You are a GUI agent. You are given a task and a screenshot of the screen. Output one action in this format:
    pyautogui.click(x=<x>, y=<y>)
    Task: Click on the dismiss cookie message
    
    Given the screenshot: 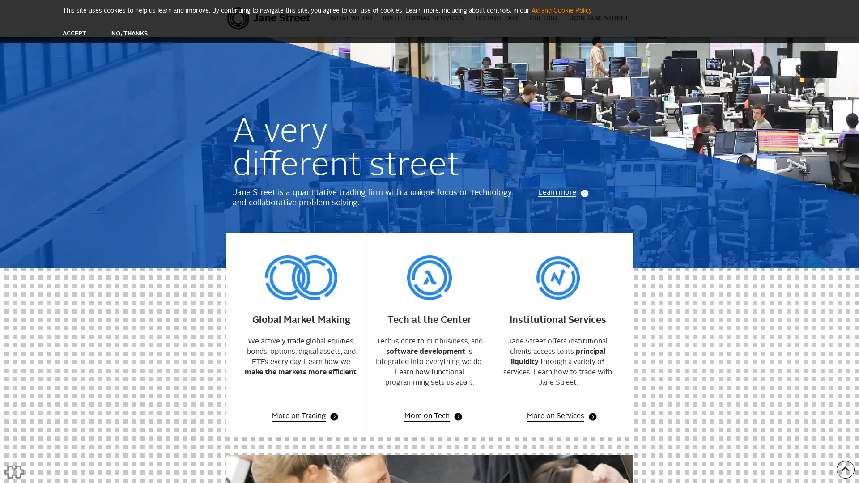 What is the action you would take?
    pyautogui.click(x=74, y=33)
    